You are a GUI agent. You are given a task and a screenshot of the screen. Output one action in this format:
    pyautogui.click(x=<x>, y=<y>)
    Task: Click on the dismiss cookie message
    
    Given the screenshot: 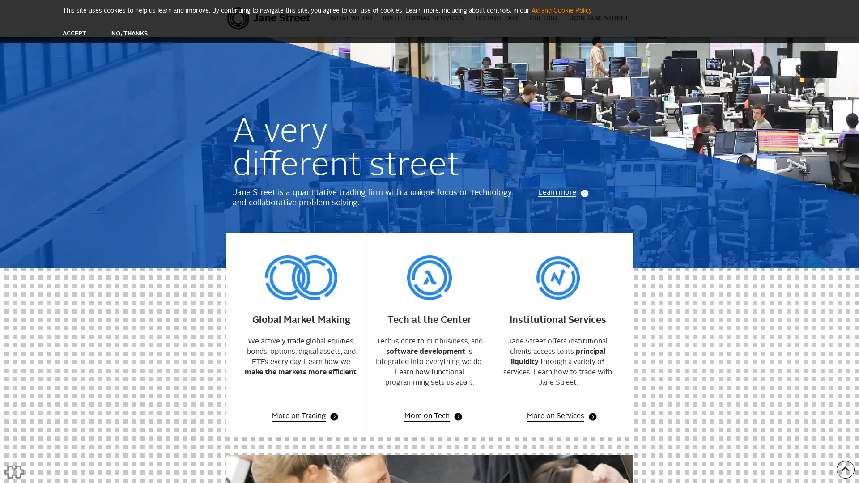 What is the action you would take?
    pyautogui.click(x=74, y=33)
    